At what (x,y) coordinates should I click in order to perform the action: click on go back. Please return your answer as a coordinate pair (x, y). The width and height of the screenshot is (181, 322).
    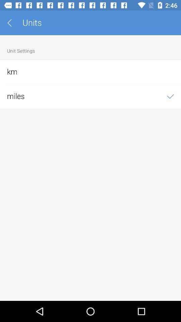
    Looking at the image, I should click on (12, 23).